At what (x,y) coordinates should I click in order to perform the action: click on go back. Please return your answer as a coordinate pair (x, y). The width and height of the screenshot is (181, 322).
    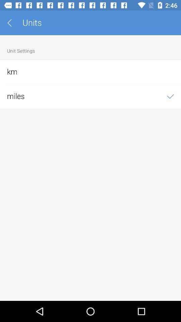
    Looking at the image, I should click on (12, 23).